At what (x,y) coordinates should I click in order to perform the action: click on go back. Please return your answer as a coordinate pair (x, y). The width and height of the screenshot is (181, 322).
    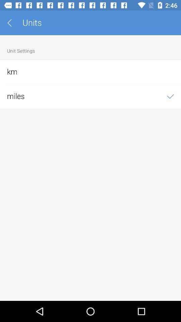
    Looking at the image, I should click on (12, 23).